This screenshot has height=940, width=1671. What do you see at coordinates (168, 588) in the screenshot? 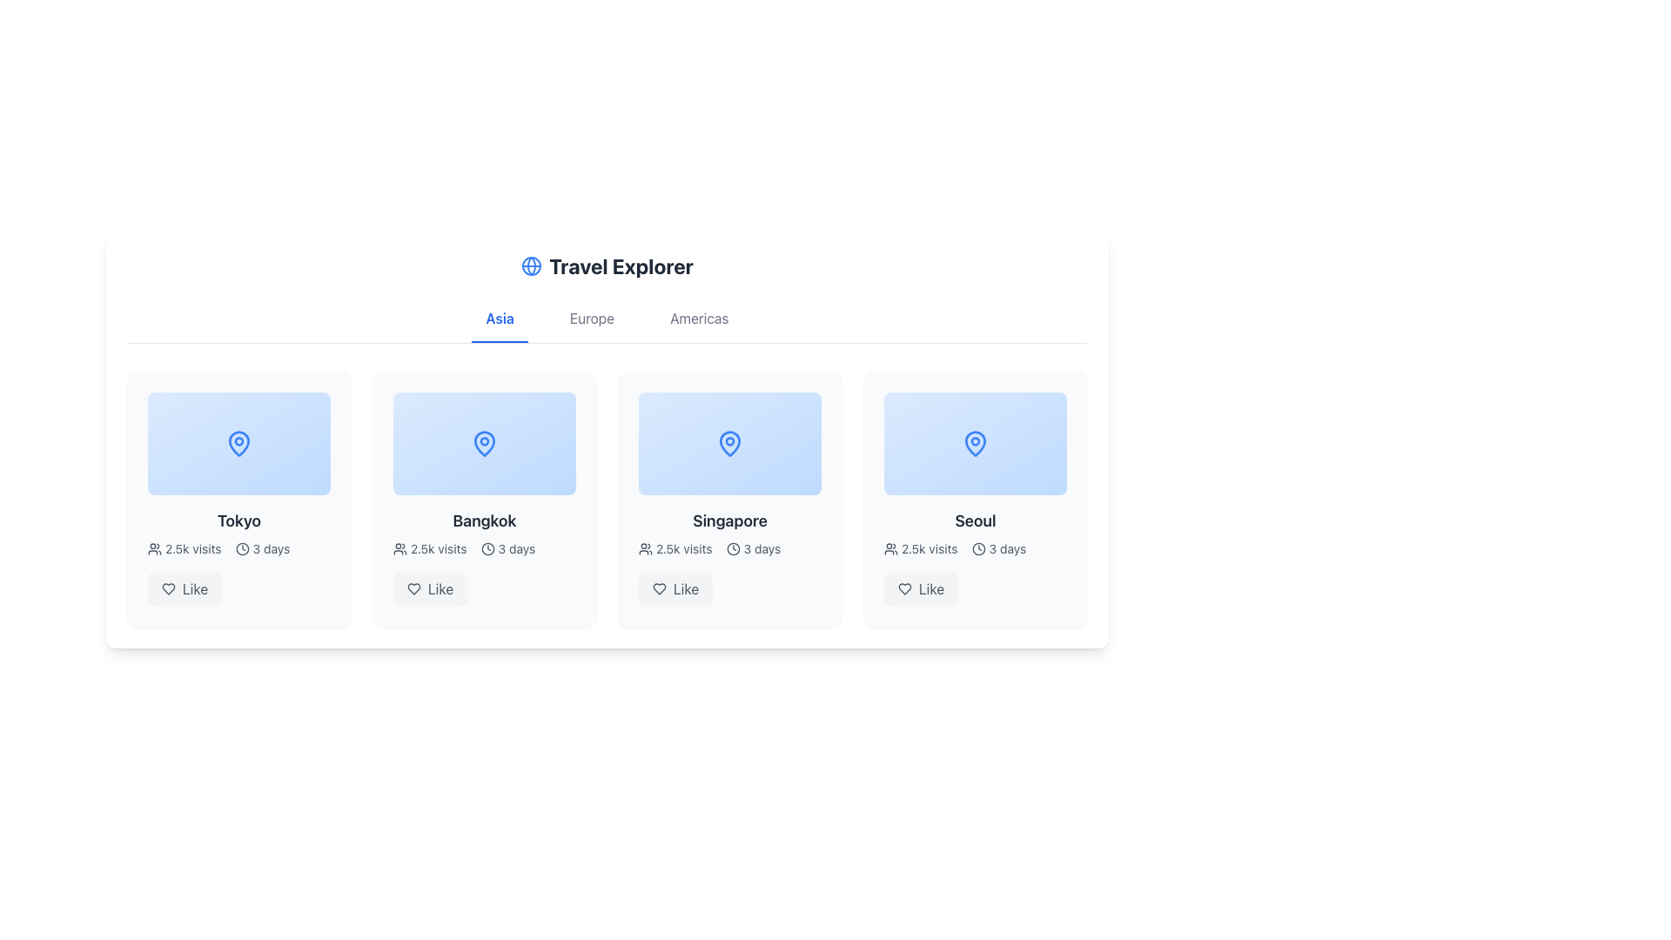
I see `the heart icon within the 'Like' button located below the 'Tokyo' card in the 'Asia' tab` at bounding box center [168, 588].